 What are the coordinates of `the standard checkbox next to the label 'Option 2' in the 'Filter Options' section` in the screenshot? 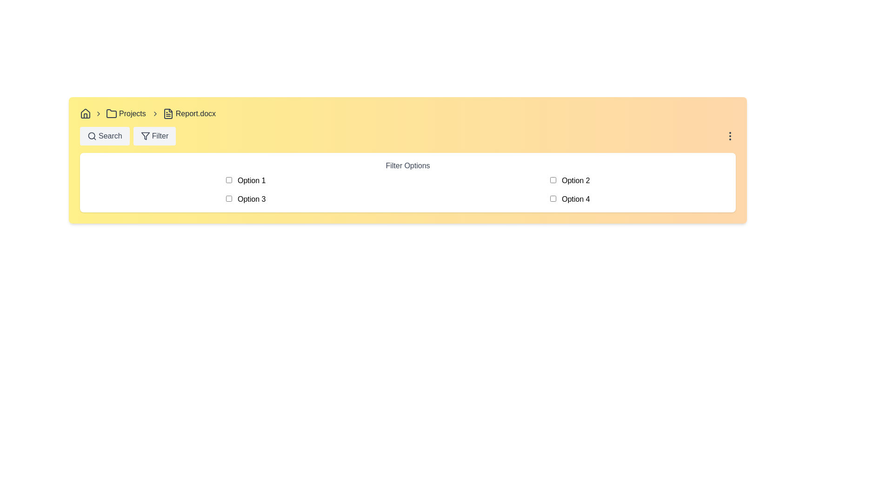 It's located at (553, 180).